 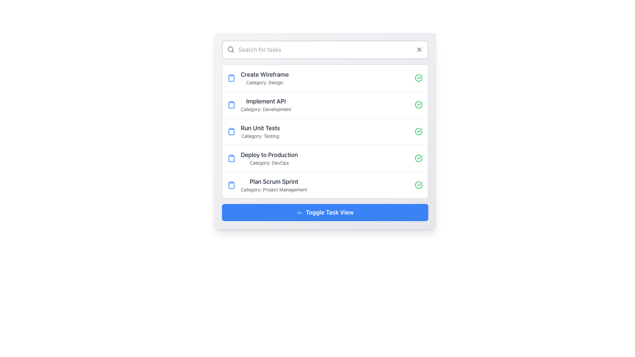 I want to click on the upward-pointing chevron icon with a blue background and white outline, located inside the 'Toggle Task View' button, towards the left side next to the text label, so click(x=299, y=213).